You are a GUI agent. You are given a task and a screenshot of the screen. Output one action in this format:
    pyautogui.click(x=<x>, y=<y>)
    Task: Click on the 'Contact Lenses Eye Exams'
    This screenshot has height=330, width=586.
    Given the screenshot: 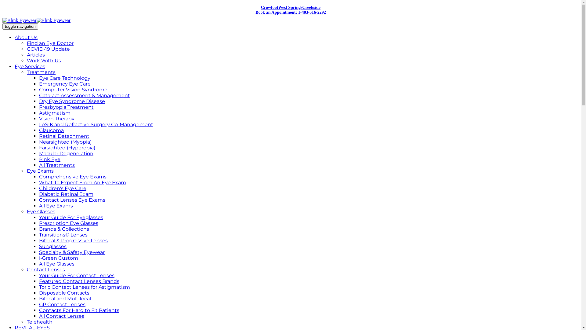 What is the action you would take?
    pyautogui.click(x=72, y=200)
    